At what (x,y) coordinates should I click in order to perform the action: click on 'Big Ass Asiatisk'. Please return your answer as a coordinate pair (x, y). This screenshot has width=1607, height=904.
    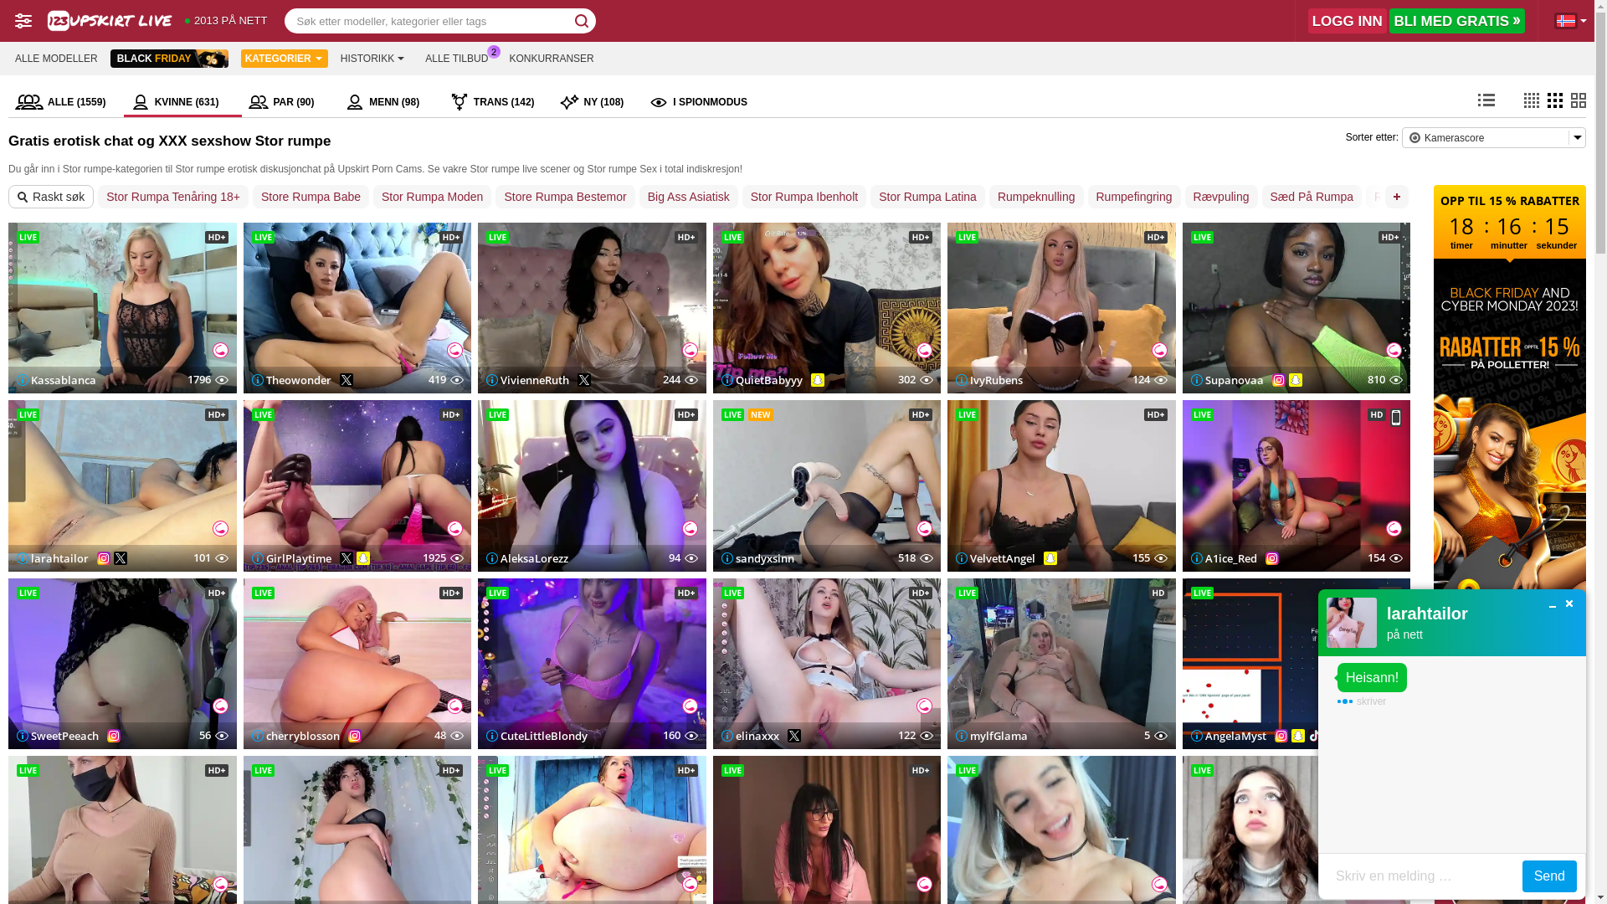
    Looking at the image, I should click on (688, 196).